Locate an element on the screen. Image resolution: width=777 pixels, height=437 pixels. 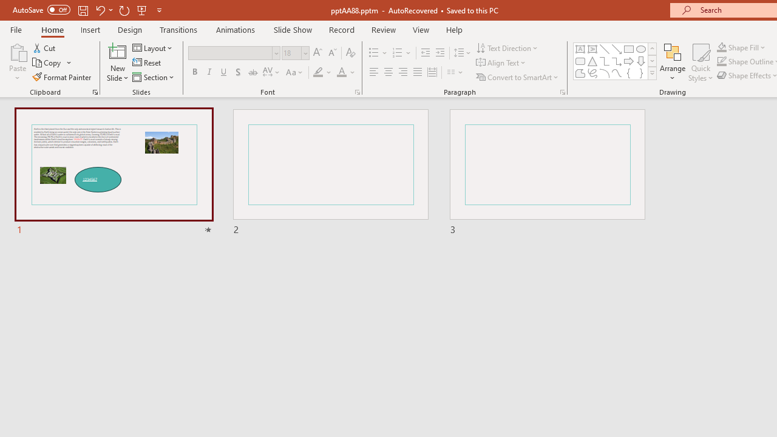
'Rectangle' is located at coordinates (629, 49).